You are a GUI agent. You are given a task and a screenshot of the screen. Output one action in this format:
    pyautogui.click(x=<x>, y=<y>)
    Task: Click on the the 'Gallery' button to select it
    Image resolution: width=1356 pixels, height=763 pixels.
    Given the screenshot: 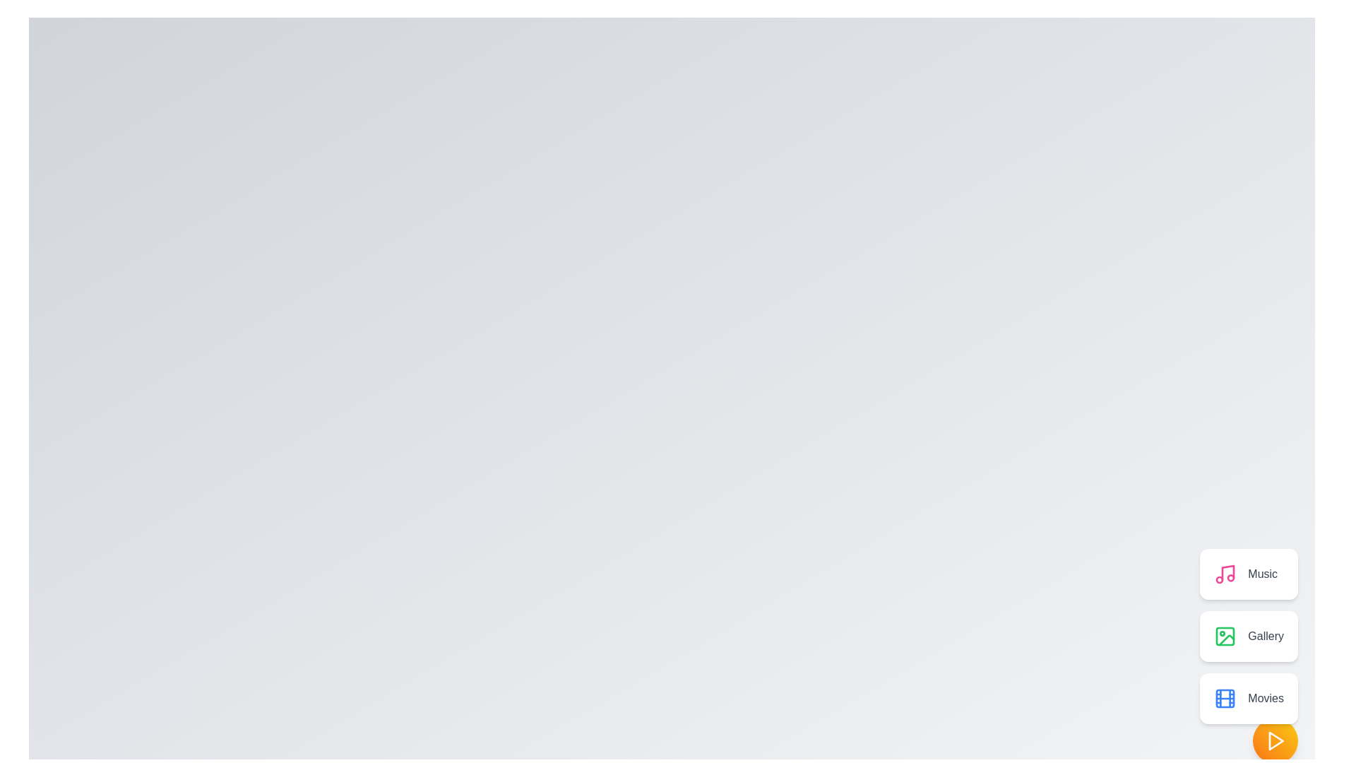 What is the action you would take?
    pyautogui.click(x=1248, y=637)
    